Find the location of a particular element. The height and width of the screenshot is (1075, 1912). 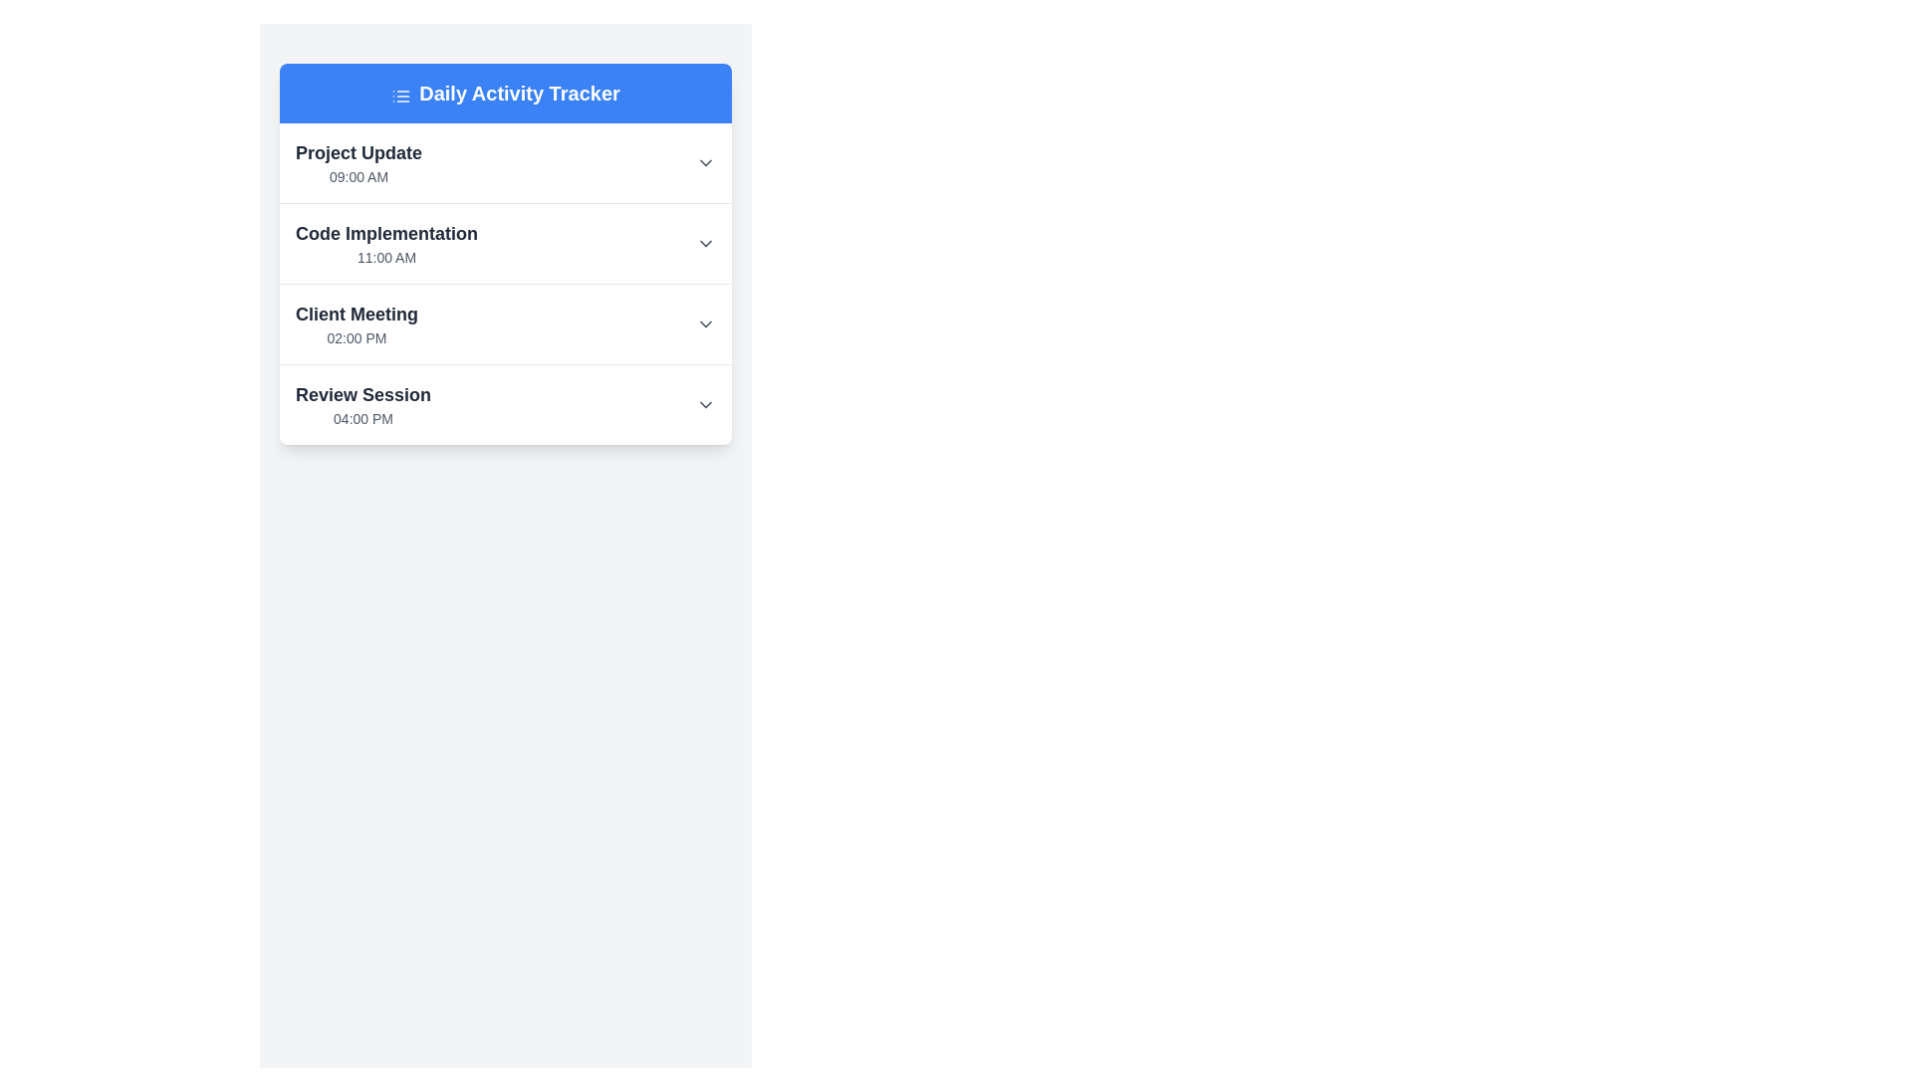

the list item labeled 'Project Update' at 09:00 AM is located at coordinates (506, 162).